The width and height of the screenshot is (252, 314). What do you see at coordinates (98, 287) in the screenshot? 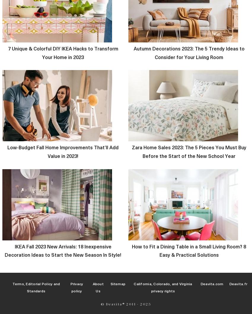
I see `'About Us'` at bounding box center [98, 287].